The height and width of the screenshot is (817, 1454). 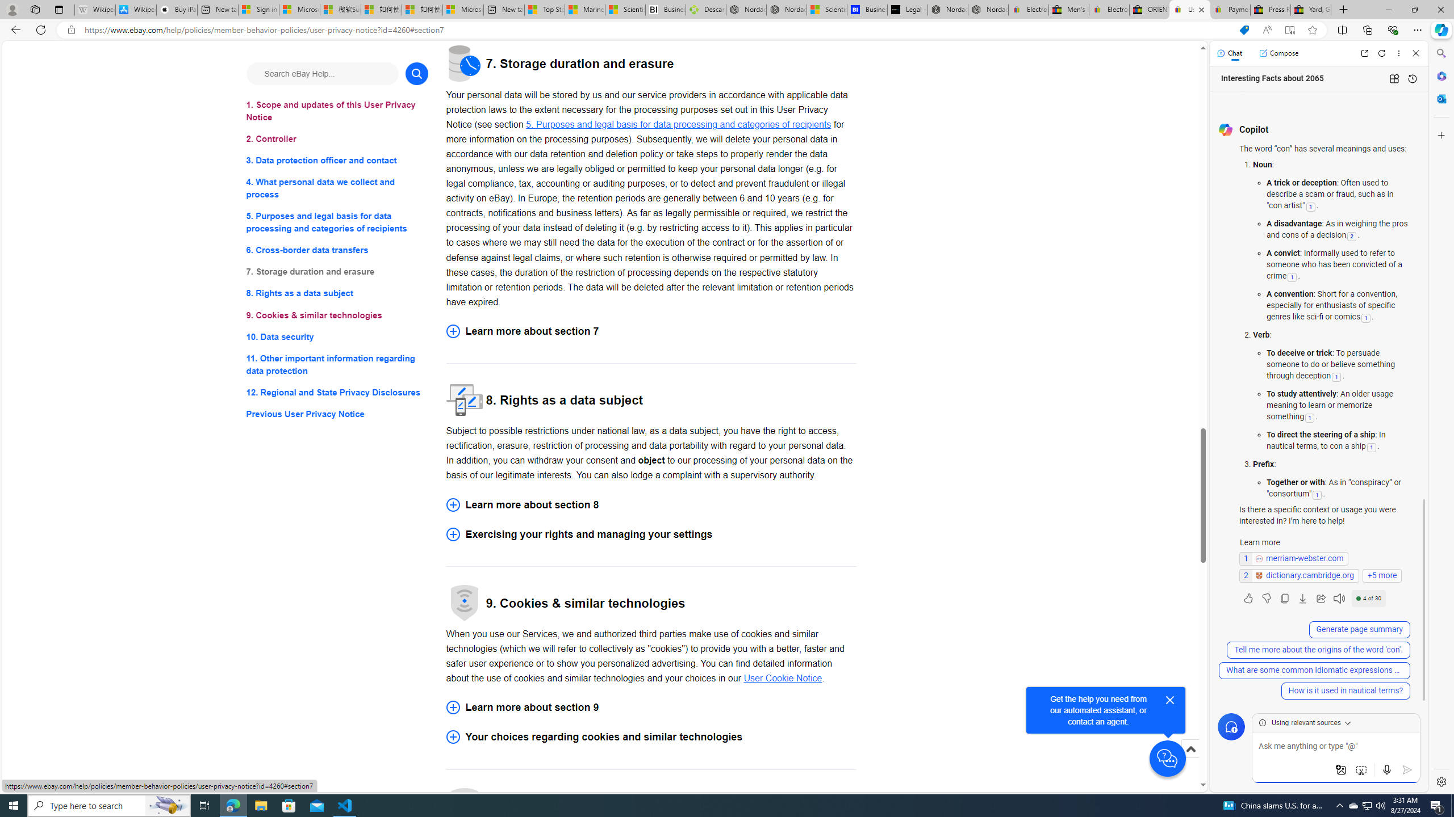 I want to click on 'Learn more about section 9', so click(x=650, y=707).